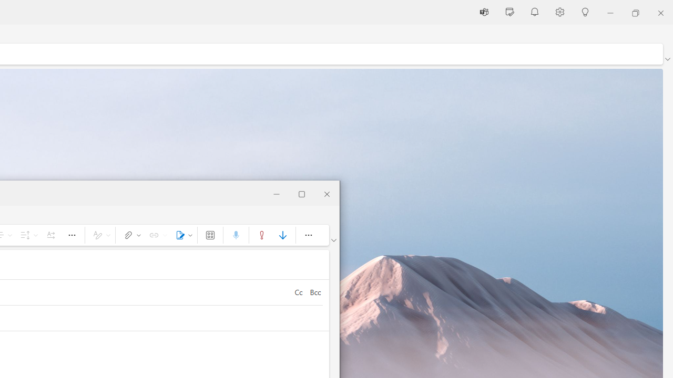 This screenshot has height=378, width=673. What do you see at coordinates (301, 193) in the screenshot?
I see `'Maximize'` at bounding box center [301, 193].